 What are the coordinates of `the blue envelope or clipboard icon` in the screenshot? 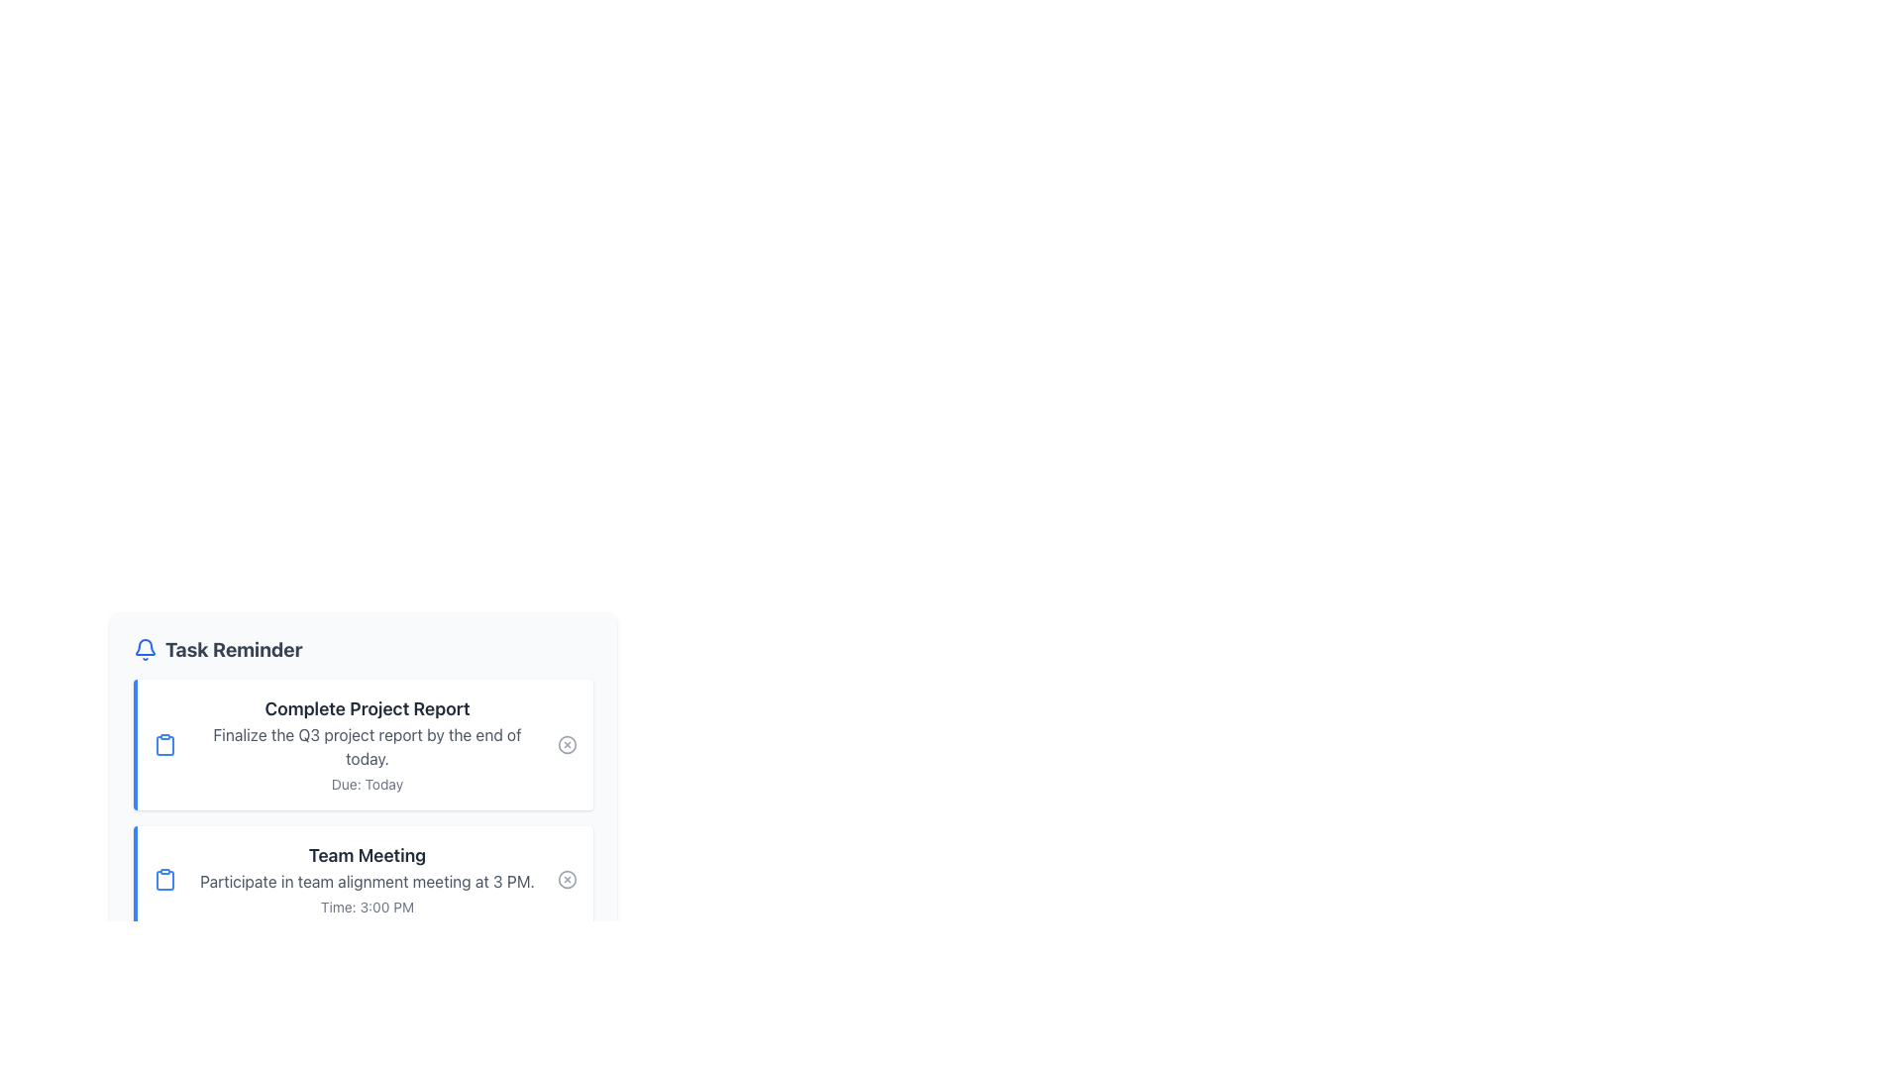 It's located at (165, 745).